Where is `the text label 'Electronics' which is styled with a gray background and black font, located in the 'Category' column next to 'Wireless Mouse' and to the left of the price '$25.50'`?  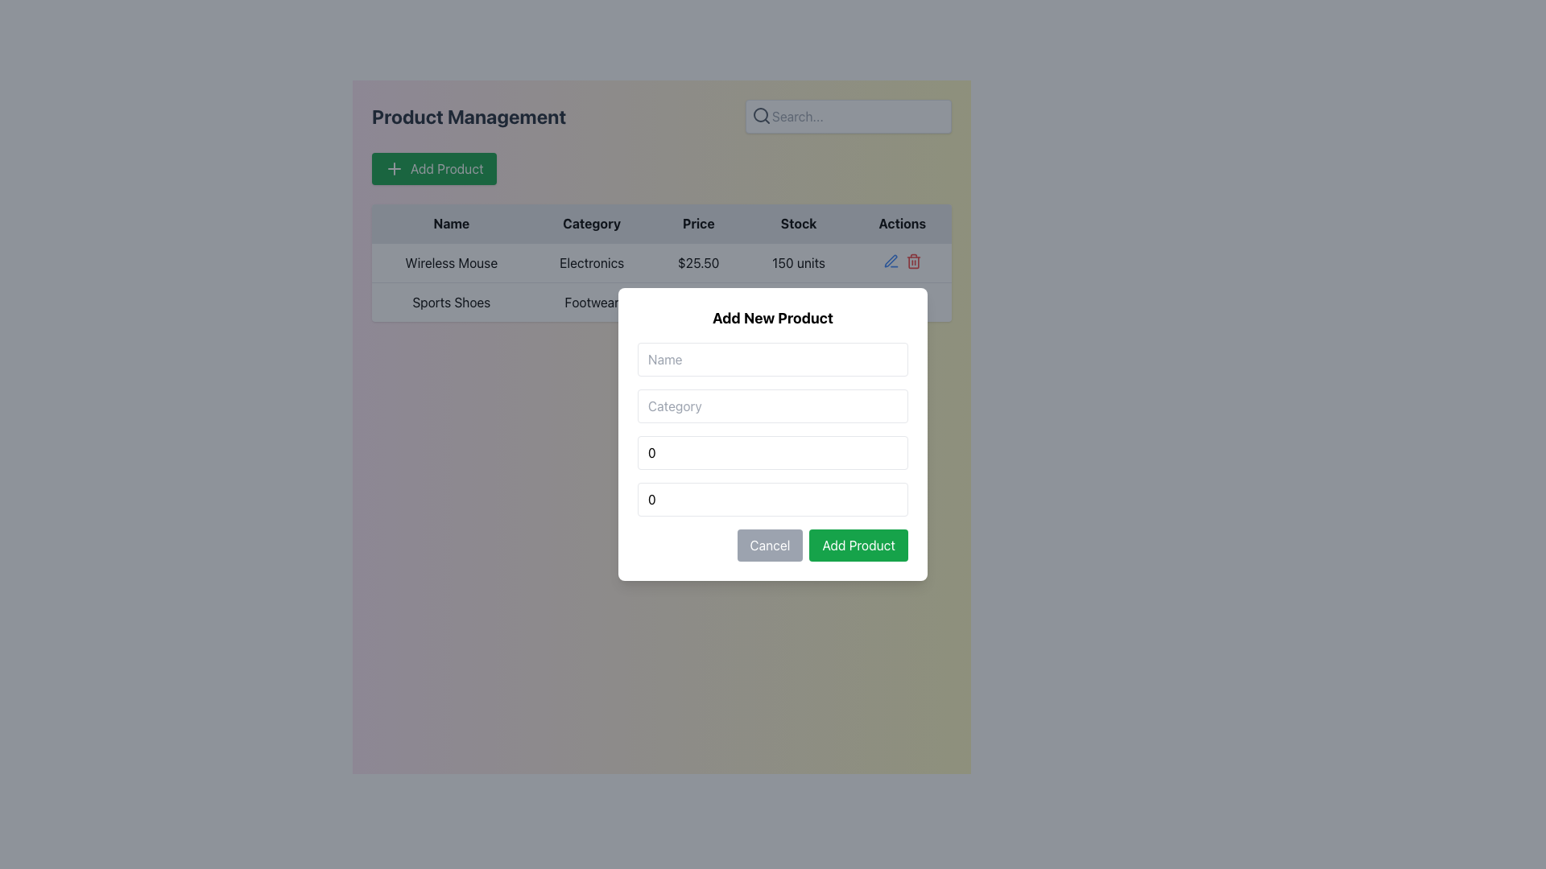
the text label 'Electronics' which is styled with a gray background and black font, located in the 'Category' column next to 'Wireless Mouse' and to the left of the price '$25.50' is located at coordinates (591, 262).